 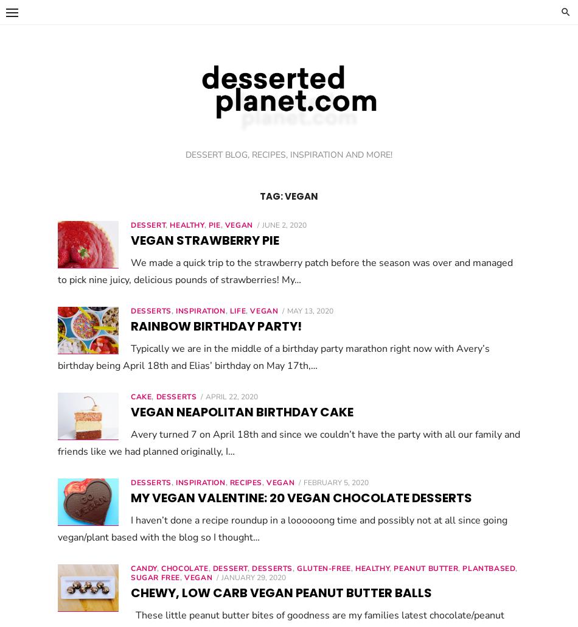 I want to click on 'Vegan Neapolitan Birthday Cake', so click(x=241, y=412).